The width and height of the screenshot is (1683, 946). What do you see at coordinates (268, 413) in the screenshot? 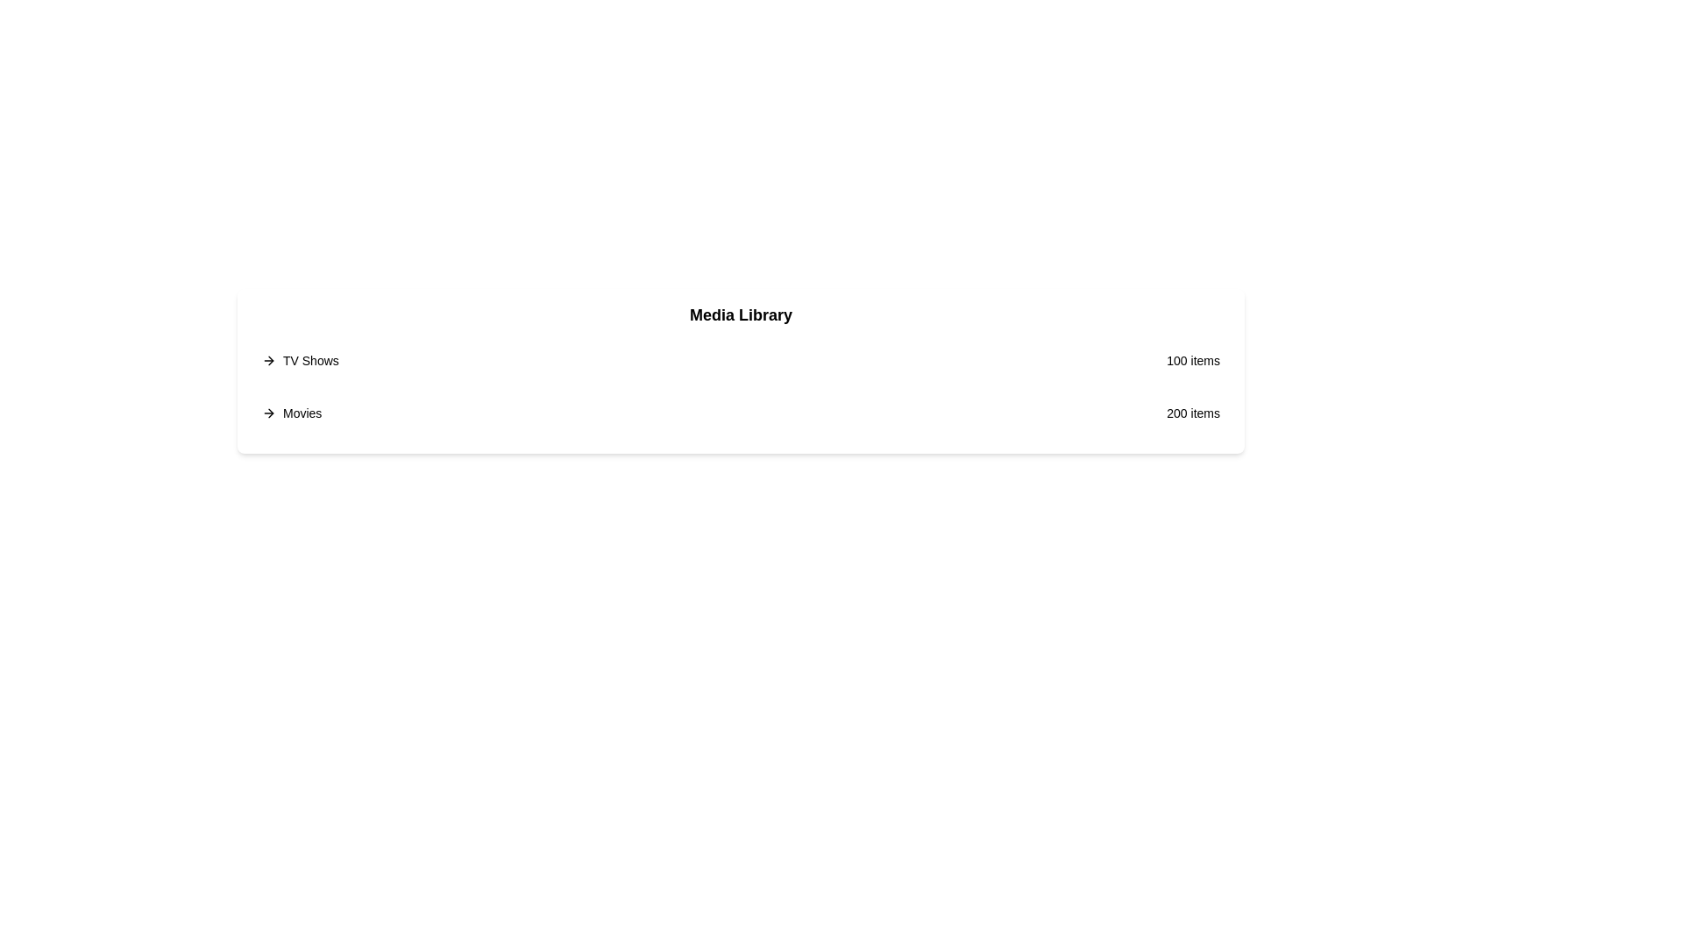
I see `the small right-pointing arrow icon located to the left of the 'Movies' text in the second list item of the Media Library` at bounding box center [268, 413].